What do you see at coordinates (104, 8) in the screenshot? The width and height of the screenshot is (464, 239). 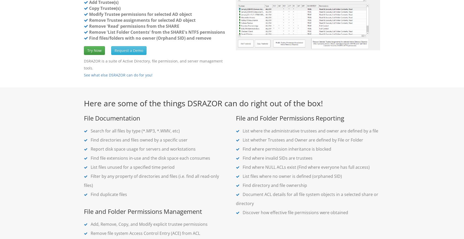 I see `'Copy Trustee(s)'` at bounding box center [104, 8].